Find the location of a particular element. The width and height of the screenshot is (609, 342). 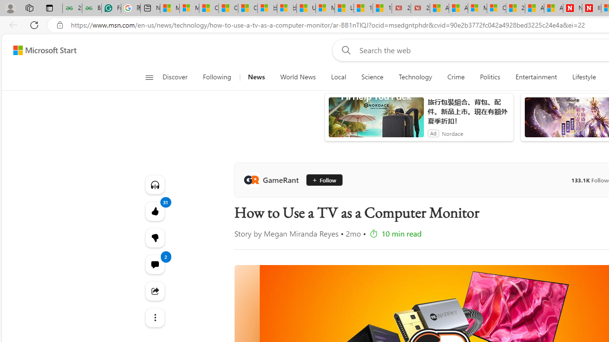

'Lifestyle' is located at coordinates (583, 77).